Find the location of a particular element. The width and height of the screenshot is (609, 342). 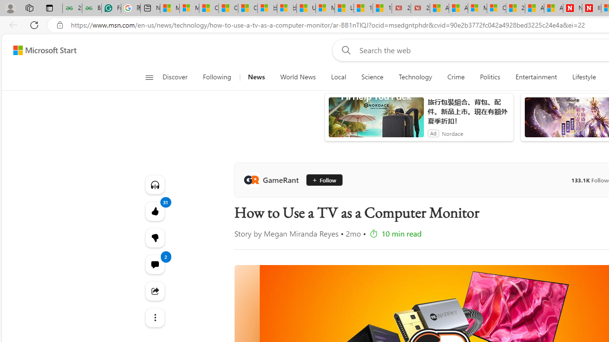

'Lifestyle' is located at coordinates (583, 77).